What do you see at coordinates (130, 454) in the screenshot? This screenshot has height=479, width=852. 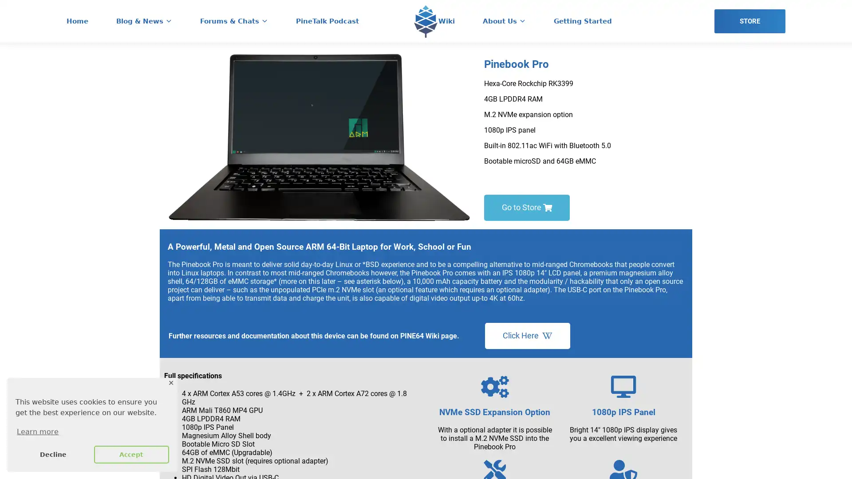 I see `allow cookies` at bounding box center [130, 454].